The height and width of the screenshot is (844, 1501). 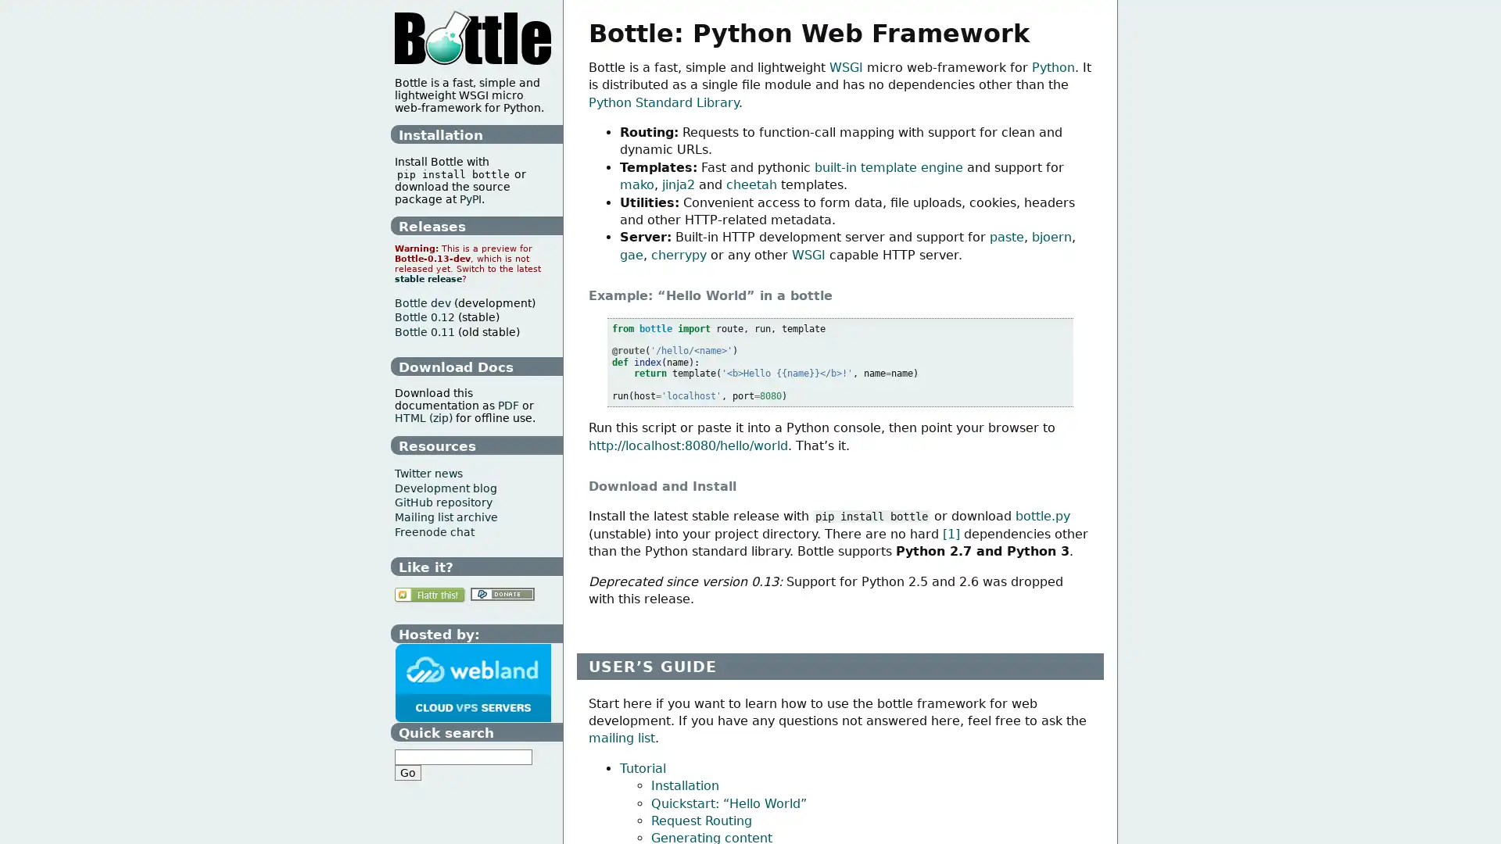 What do you see at coordinates (503, 593) in the screenshot?
I see `Donate with PayPal!` at bounding box center [503, 593].